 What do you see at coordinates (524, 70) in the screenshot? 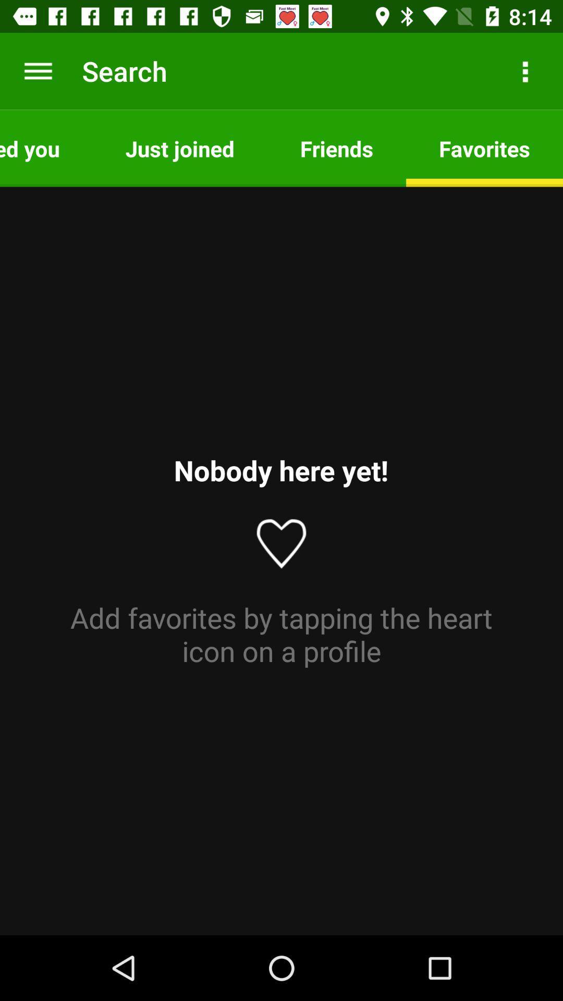
I see `icon next to friends item` at bounding box center [524, 70].